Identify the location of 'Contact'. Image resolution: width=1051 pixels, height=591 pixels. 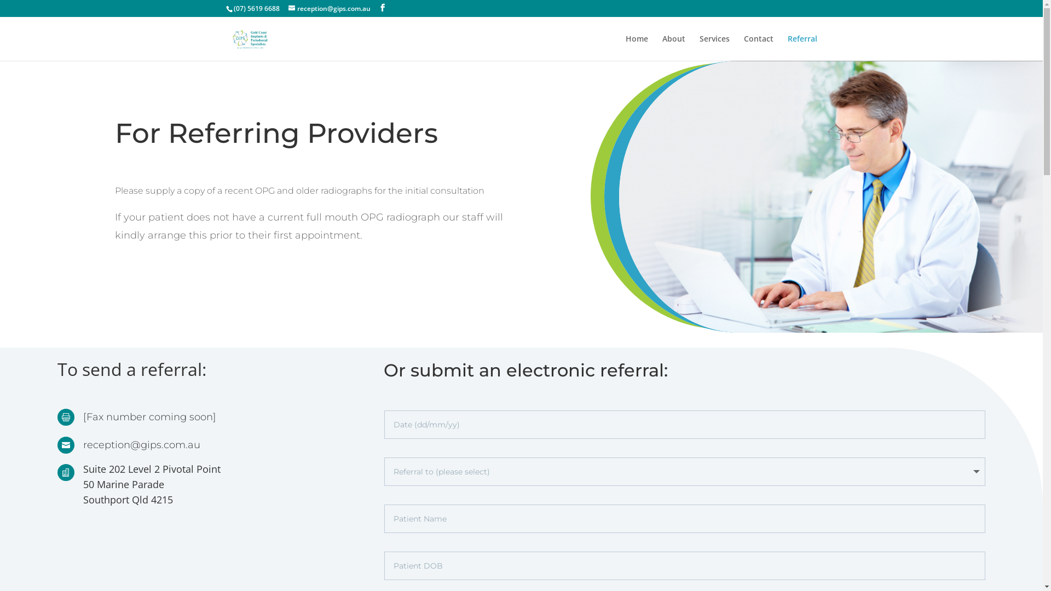
(758, 47).